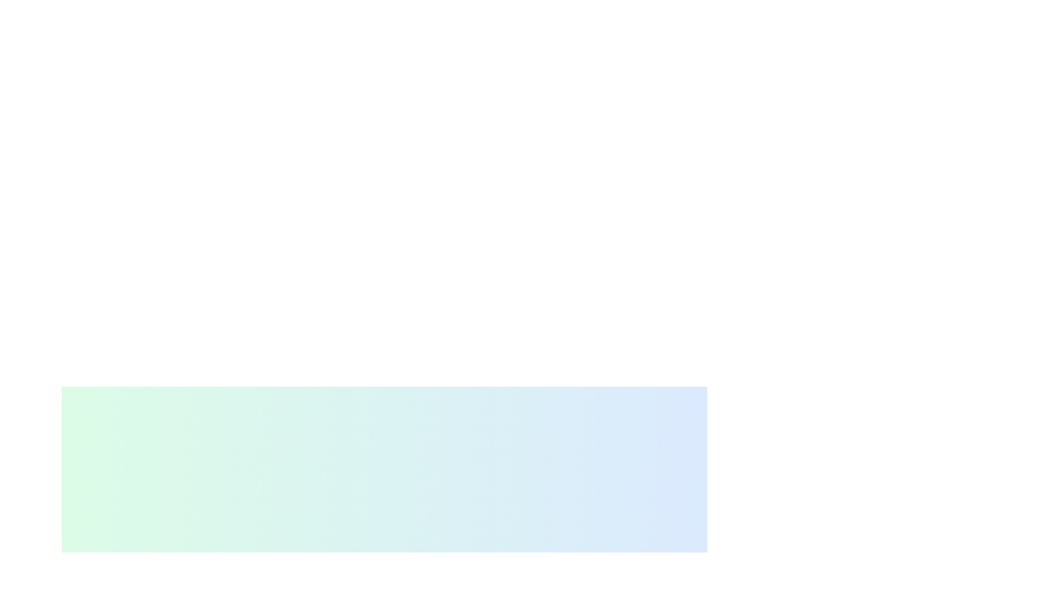 This screenshot has height=589, width=1047. I want to click on the decorative or identifying icon located at the leftmost position of the horizontal group, which is followed by the text 'Document Editor', so click(246, 575).